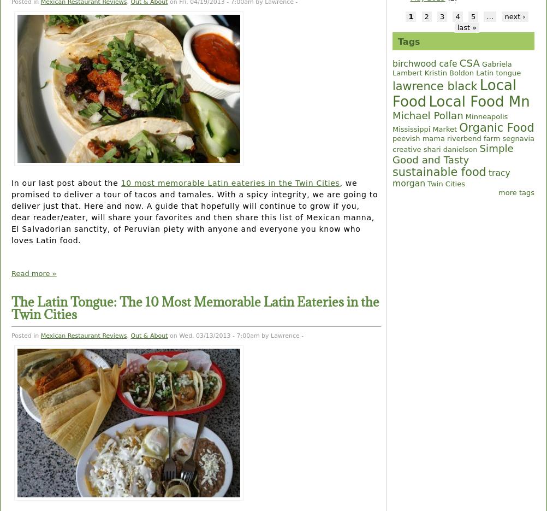 This screenshot has width=547, height=511. Describe the element at coordinates (498, 73) in the screenshot. I see `'Latin tongue'` at that location.